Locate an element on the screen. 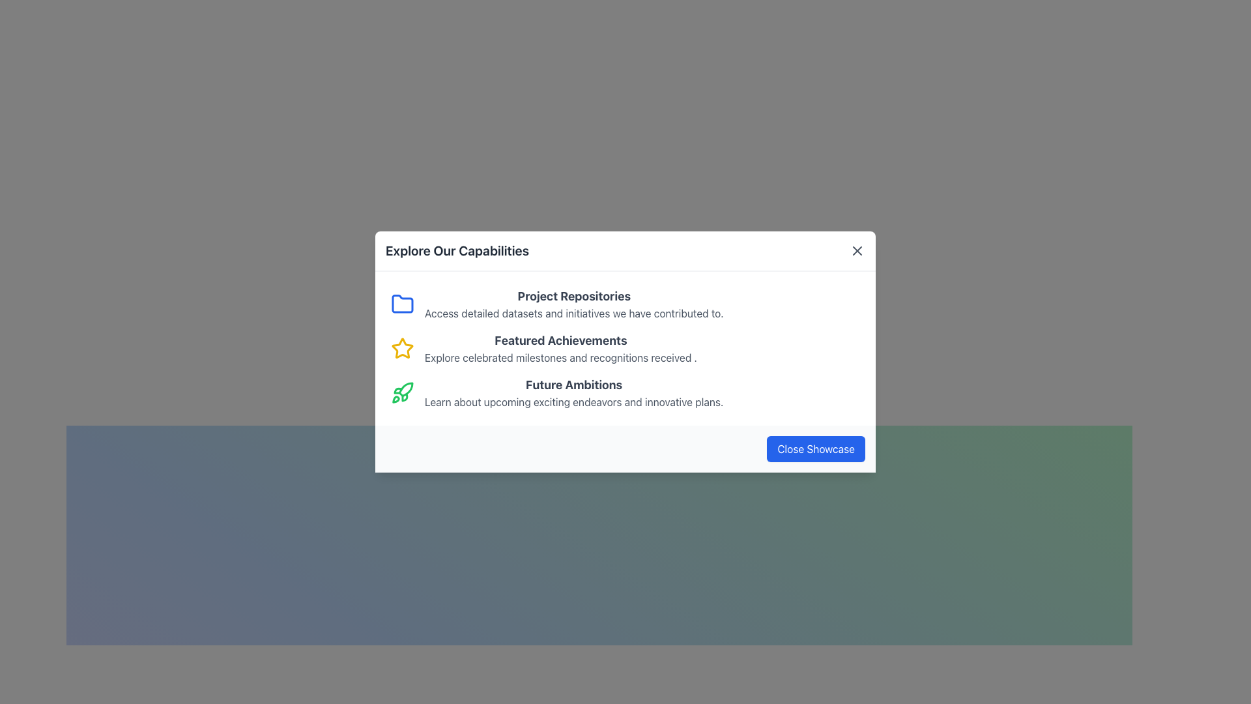 Image resolution: width=1251 pixels, height=704 pixels. the achievements and recognitions section is located at coordinates (625, 348).